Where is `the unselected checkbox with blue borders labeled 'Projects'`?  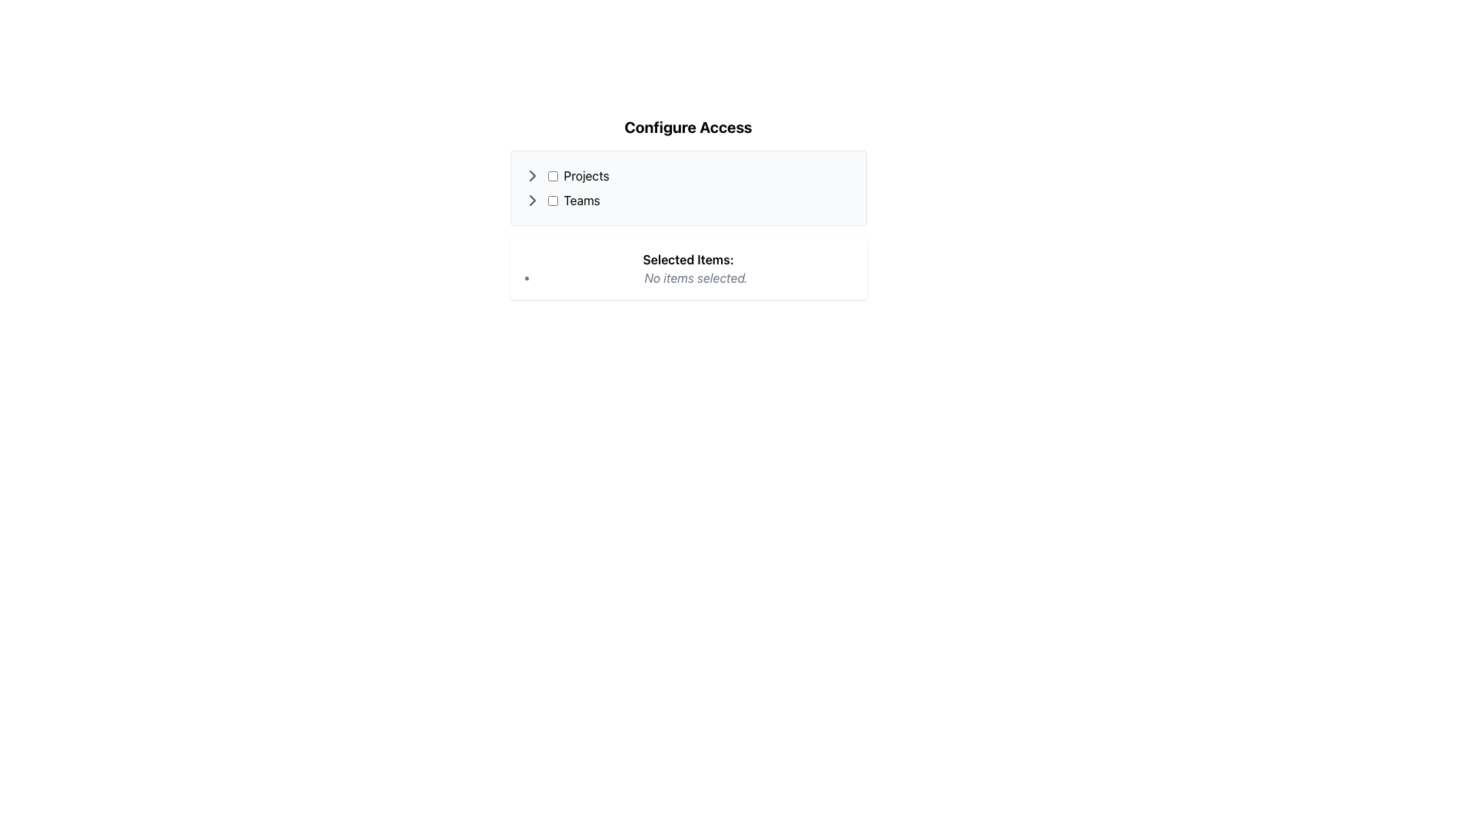
the unselected checkbox with blue borders labeled 'Projects' is located at coordinates (553, 174).